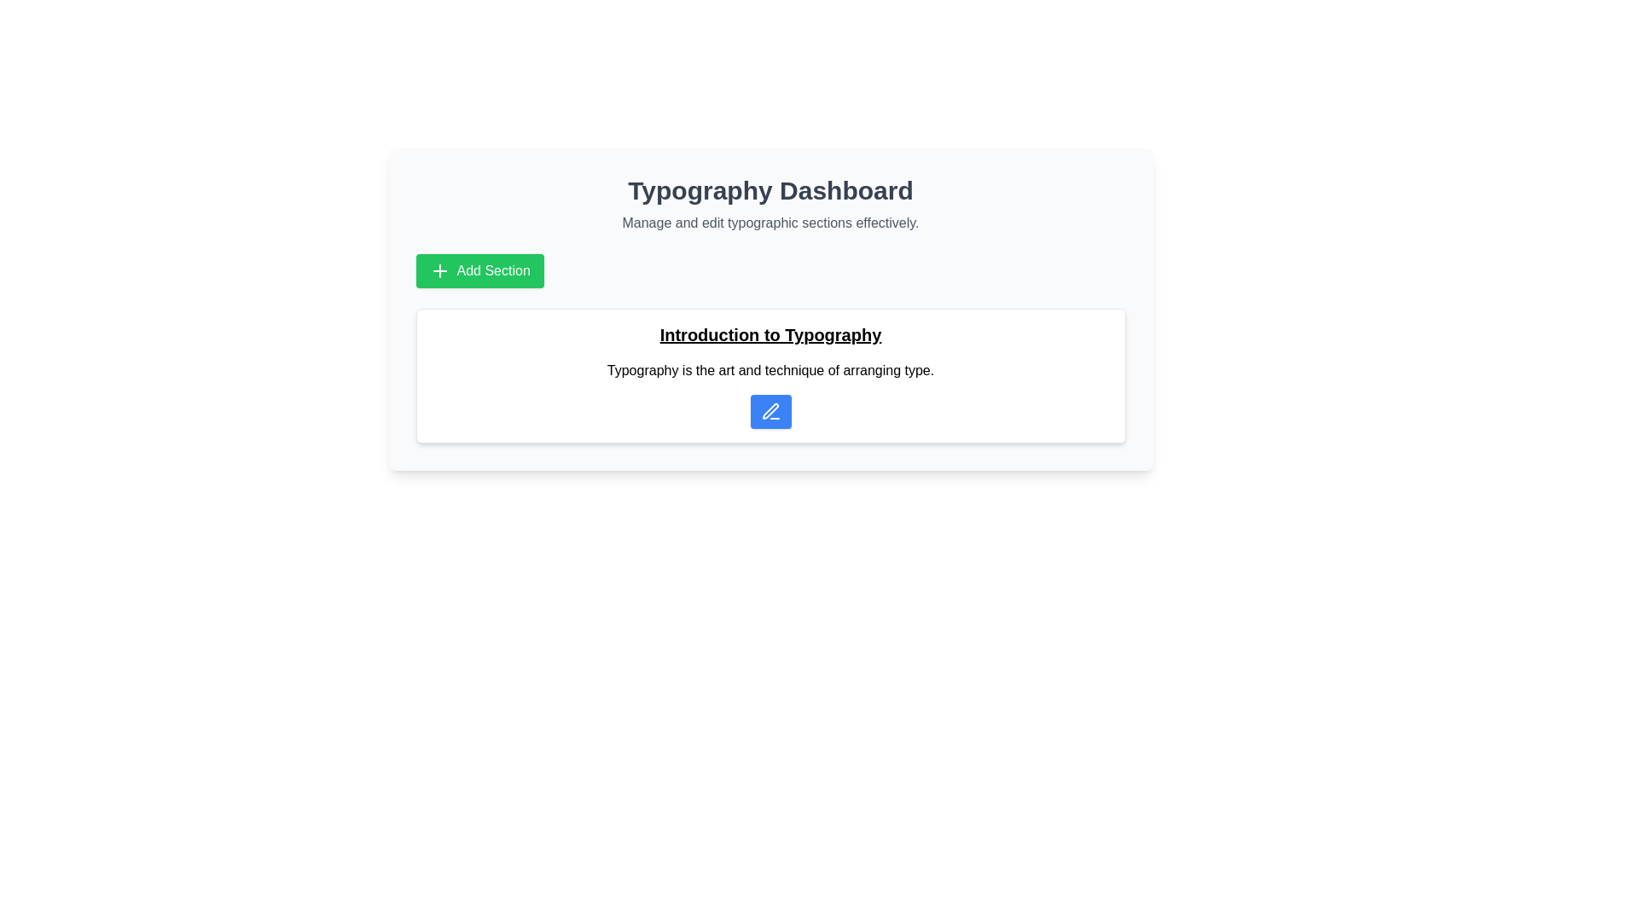 The image size is (1638, 921). Describe the element at coordinates (770, 411) in the screenshot. I see `the edit icon button located within the blue circular button at the bottom center of the card labeled 'Introduction to Typography'` at that location.